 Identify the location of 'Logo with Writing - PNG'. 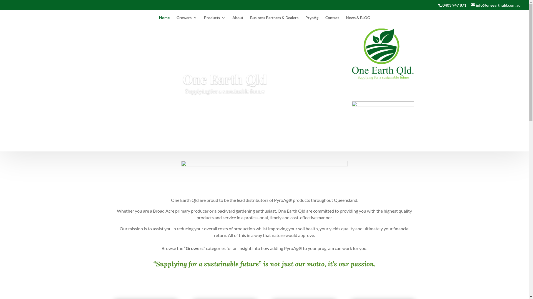
(383, 54).